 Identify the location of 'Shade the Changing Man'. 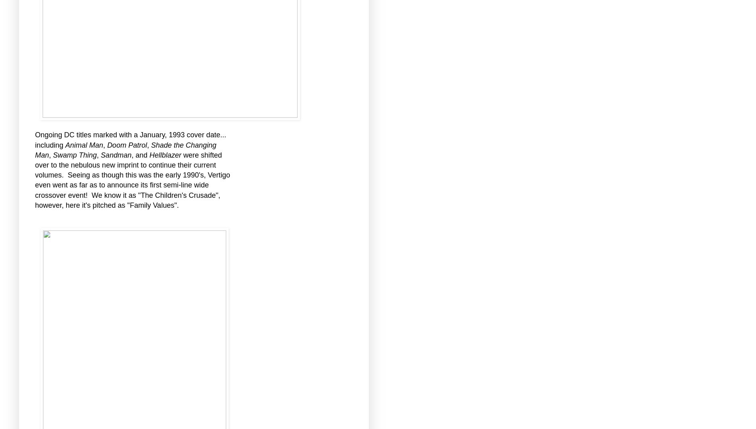
(125, 150).